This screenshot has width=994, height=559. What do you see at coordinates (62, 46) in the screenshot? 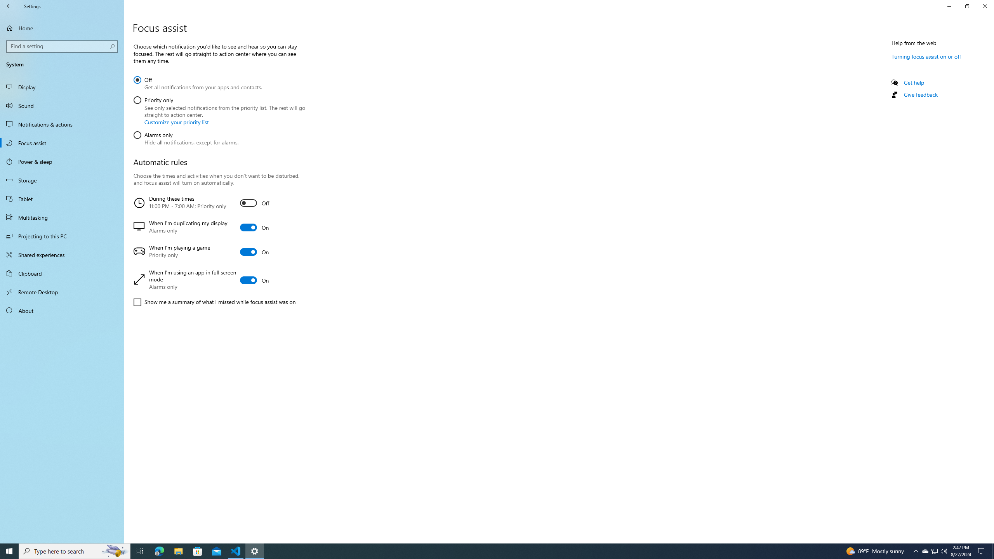
I see `'Search box, Find a setting'` at bounding box center [62, 46].